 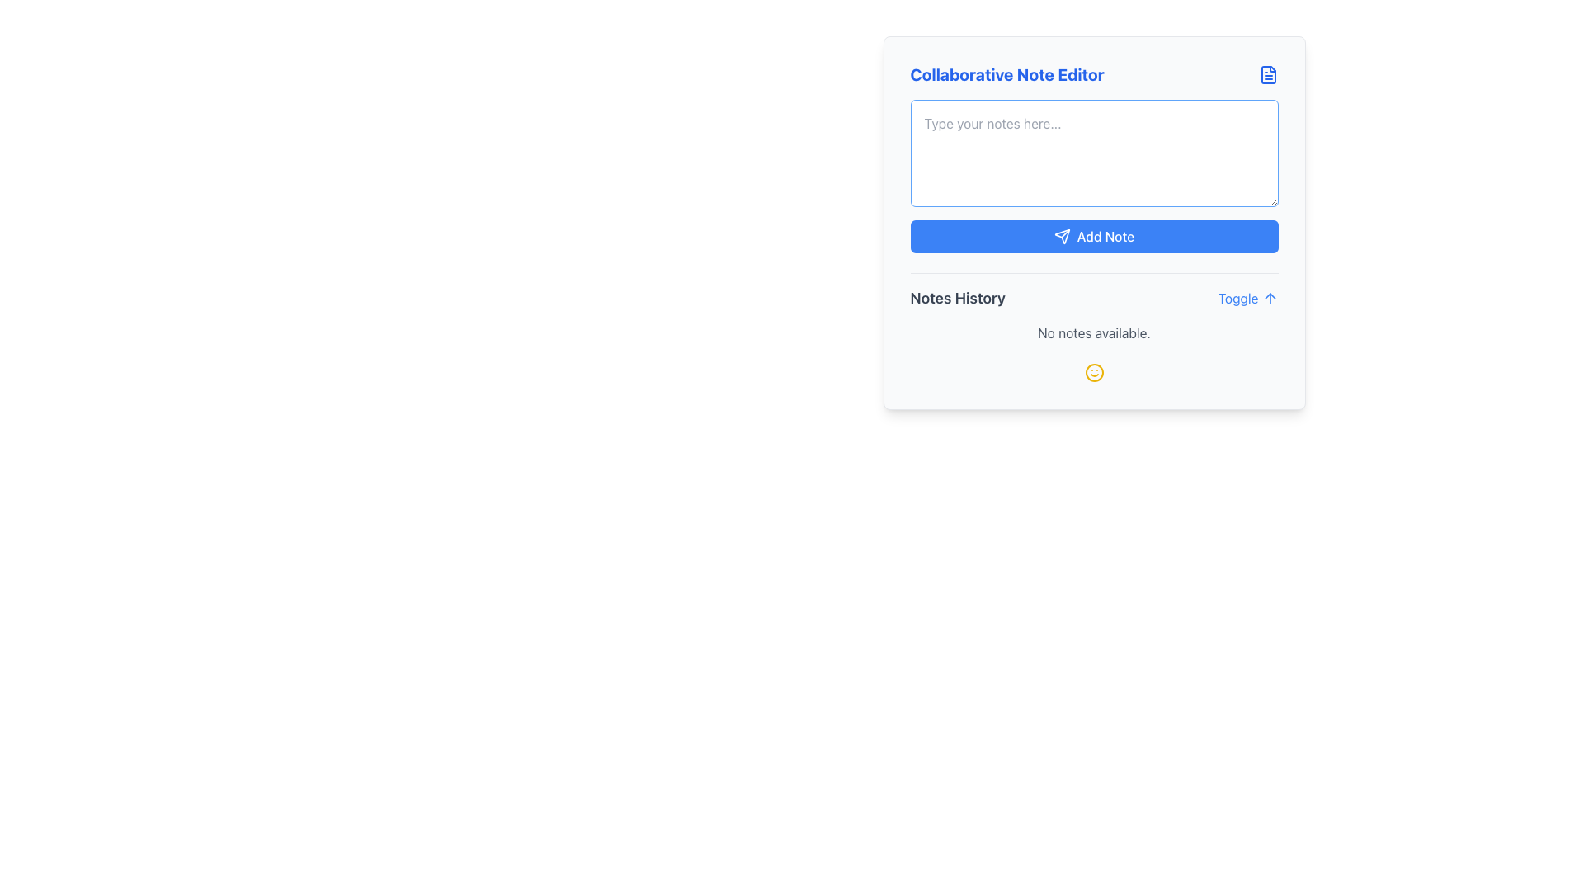 I want to click on the central circular shape within the smiley face icon located at the bottom center of the 'Notes History' section, so click(x=1094, y=372).